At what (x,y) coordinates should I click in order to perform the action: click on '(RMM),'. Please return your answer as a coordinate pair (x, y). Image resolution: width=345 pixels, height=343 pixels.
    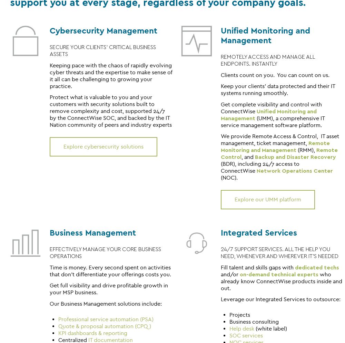
    Looking at the image, I should click on (306, 150).